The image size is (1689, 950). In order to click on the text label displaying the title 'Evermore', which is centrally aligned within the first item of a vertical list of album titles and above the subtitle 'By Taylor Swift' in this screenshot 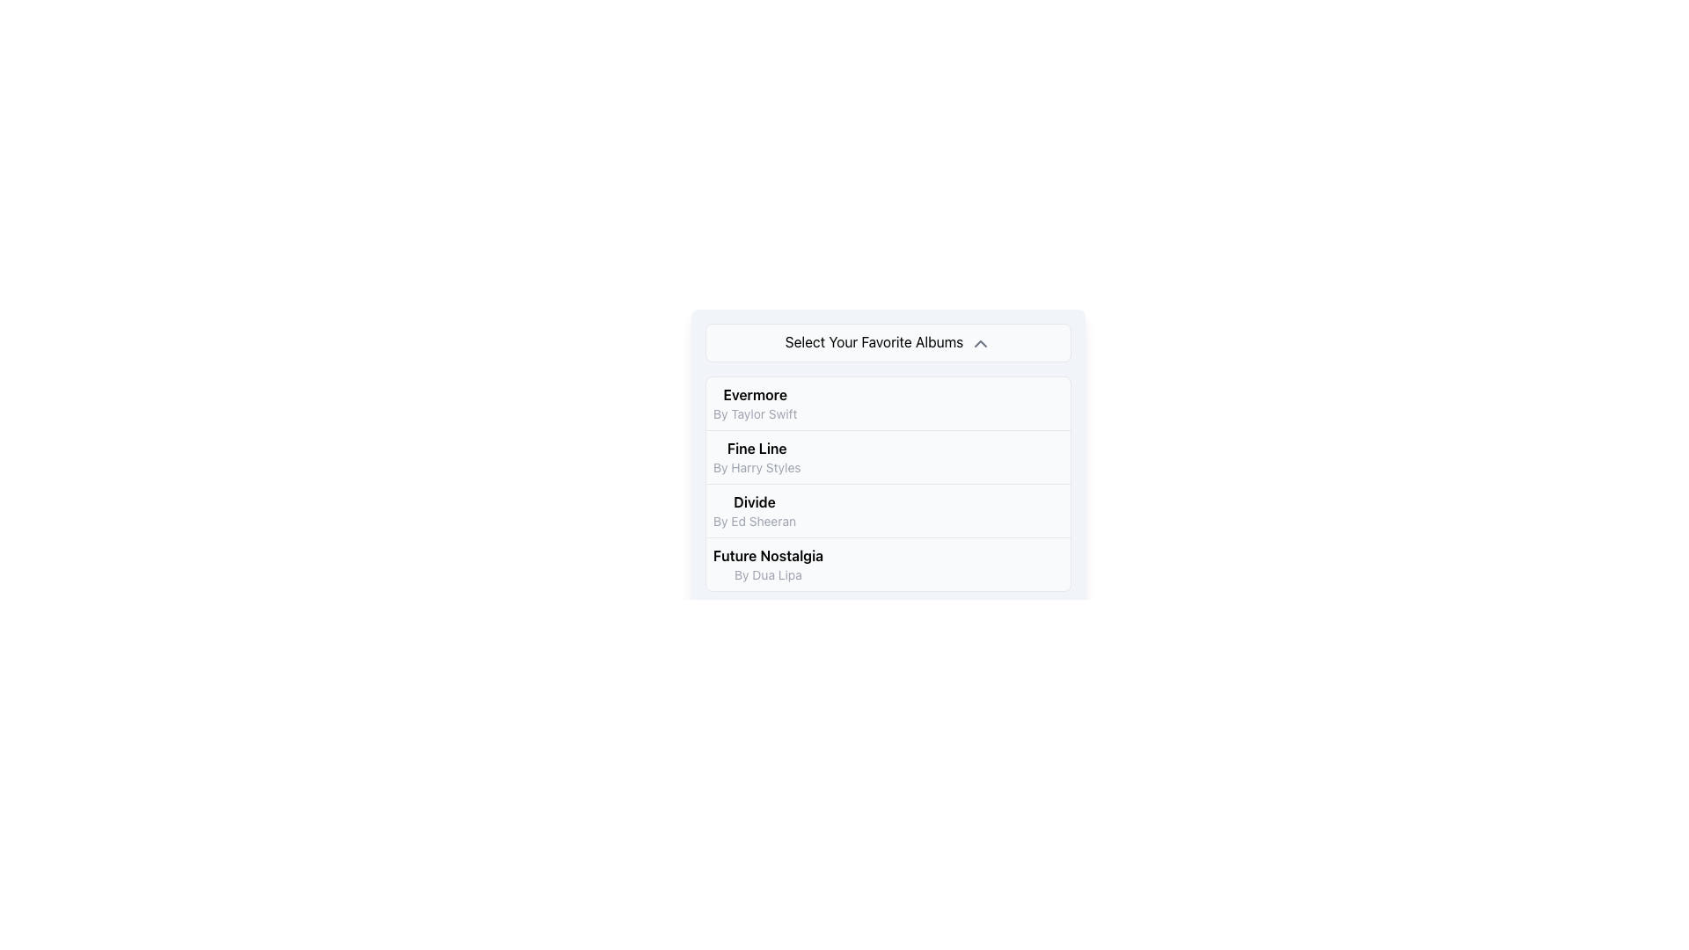, I will do `click(755, 393)`.